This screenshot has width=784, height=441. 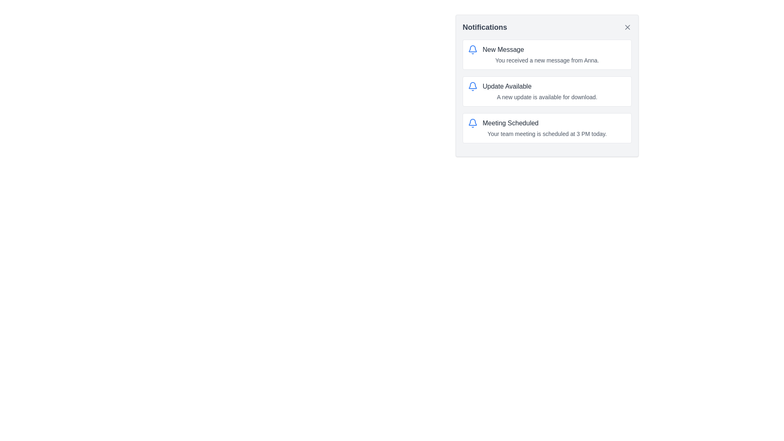 What do you see at coordinates (510, 123) in the screenshot?
I see `the text label that reads 'Meeting Scheduled', which is styled with a medium font weight and gray color, positioned as the third item in a stacked list of notifications` at bounding box center [510, 123].